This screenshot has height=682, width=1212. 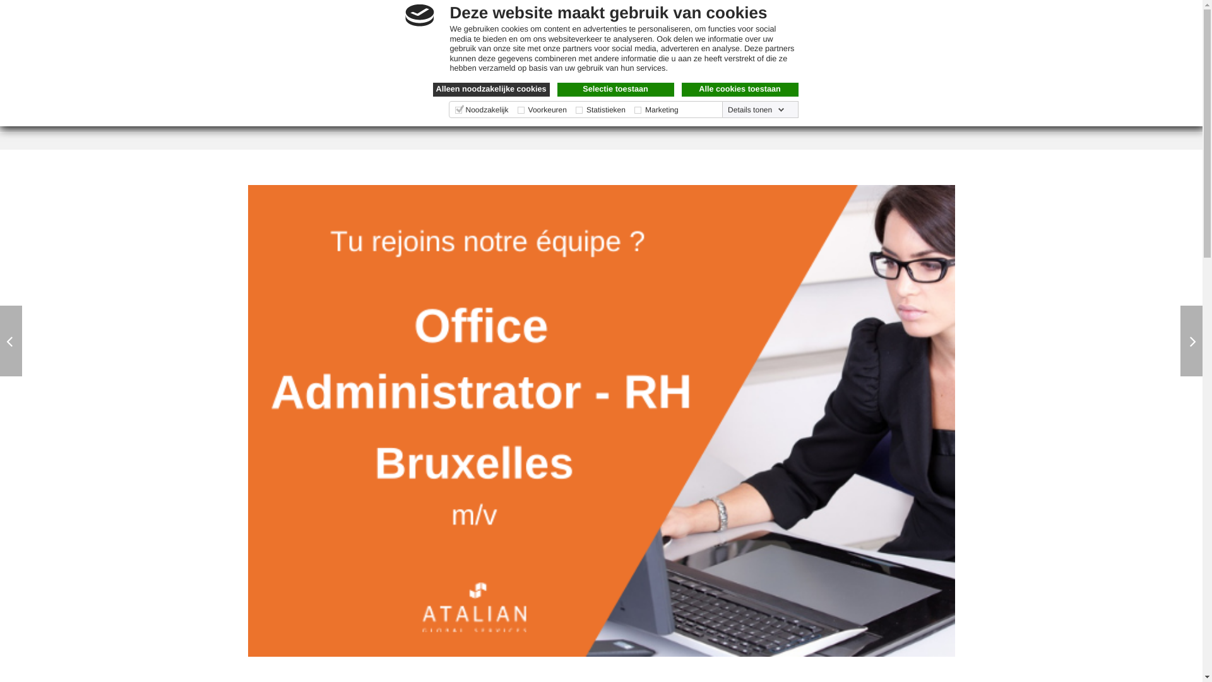 What do you see at coordinates (872, 93) in the screenshot?
I see `'CONTACTEER ONS'` at bounding box center [872, 93].